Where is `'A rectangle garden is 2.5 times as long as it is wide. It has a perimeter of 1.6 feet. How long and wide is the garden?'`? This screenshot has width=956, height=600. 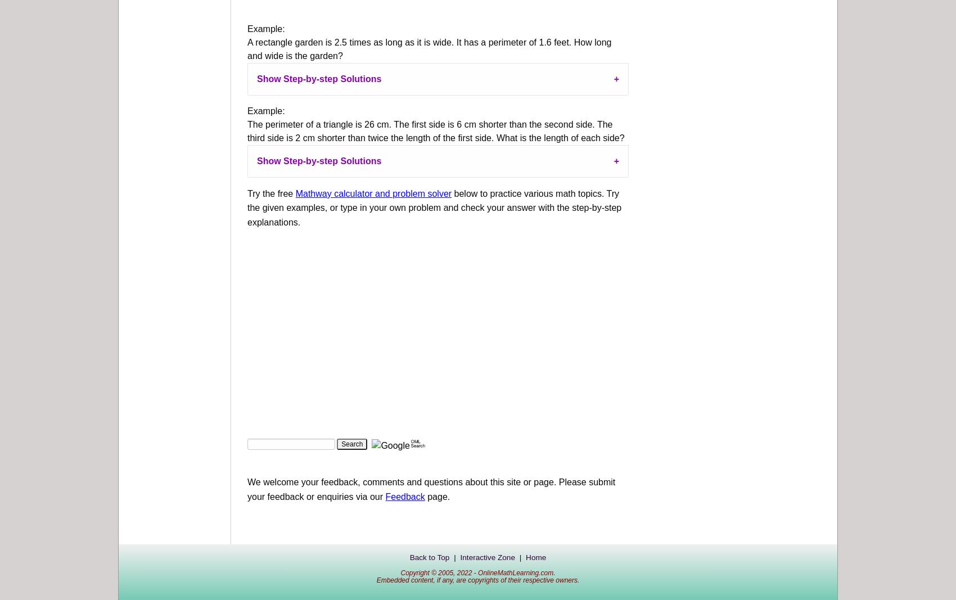
'A rectangle garden is 2.5 times as long as it is wide. It has a perimeter of 1.6 feet. How long and wide is the garden?' is located at coordinates (247, 48).